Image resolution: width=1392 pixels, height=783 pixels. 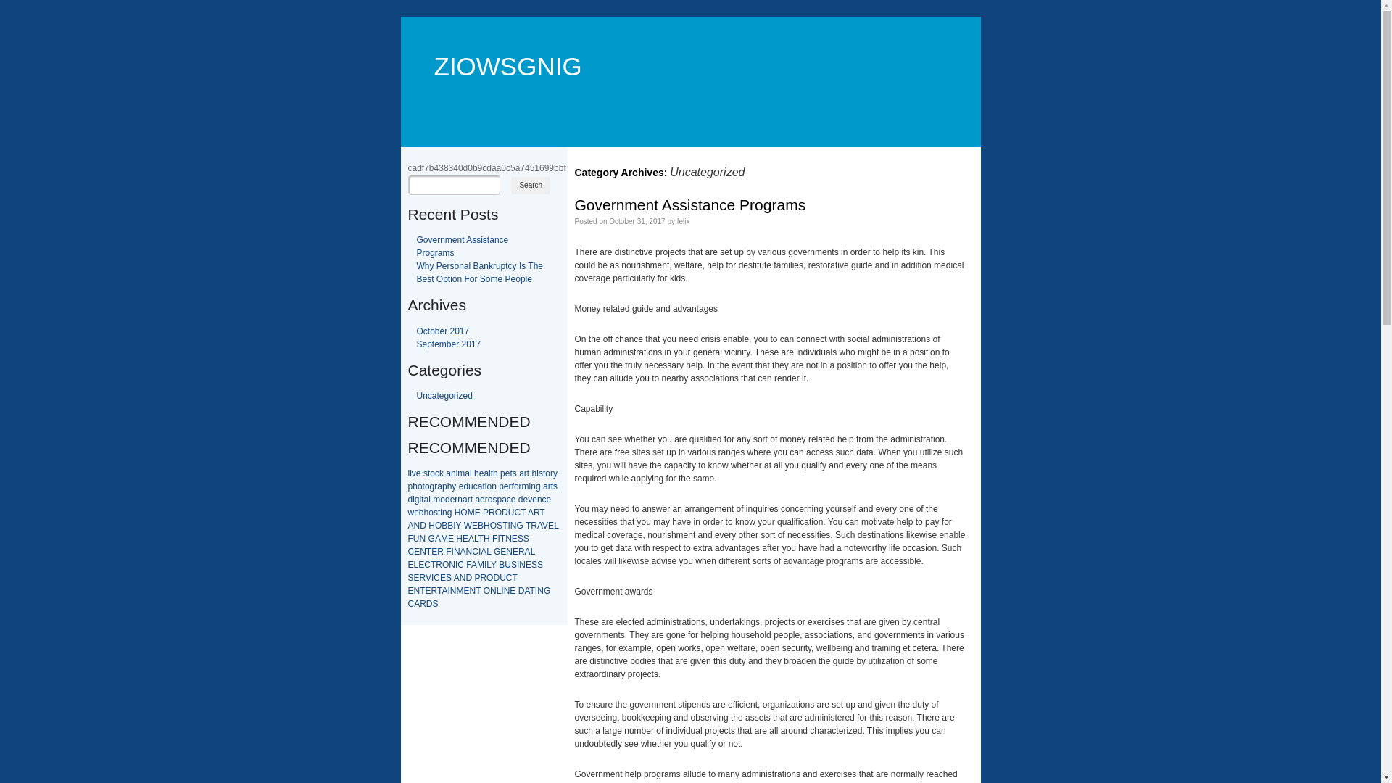 I want to click on 'T', so click(x=541, y=511).